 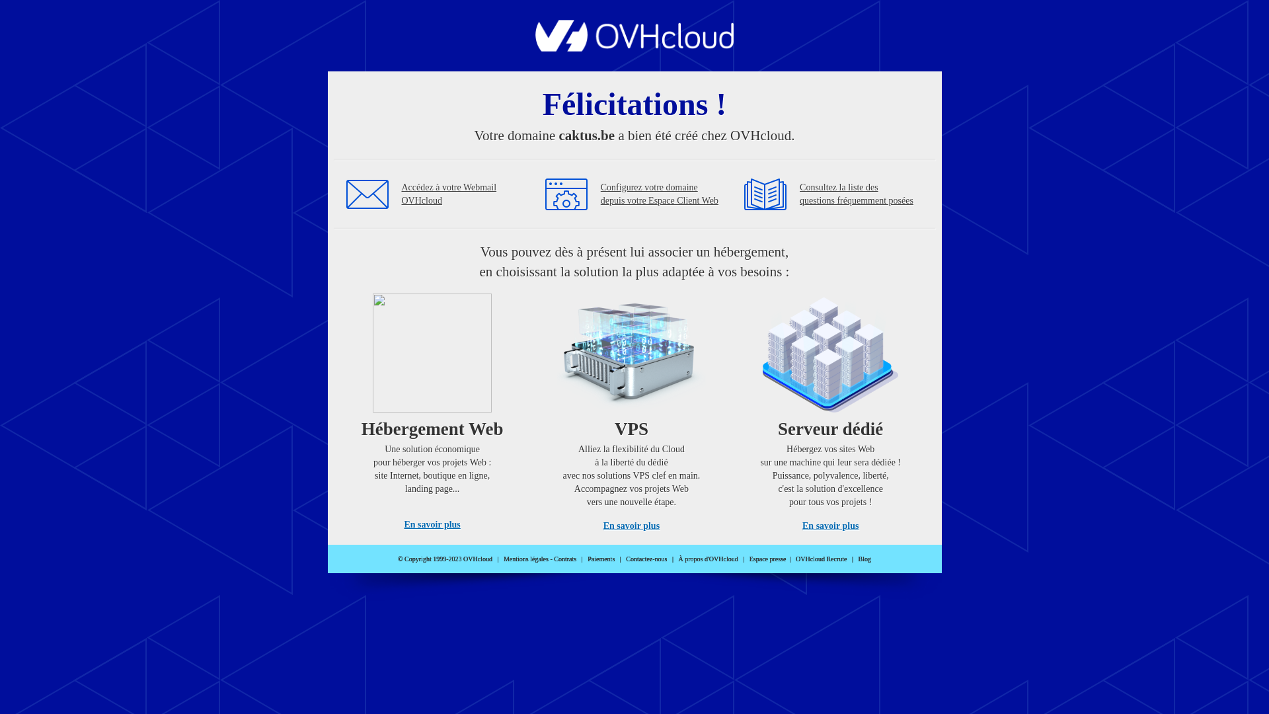 What do you see at coordinates (557, 409) in the screenshot?
I see `'VPS'` at bounding box center [557, 409].